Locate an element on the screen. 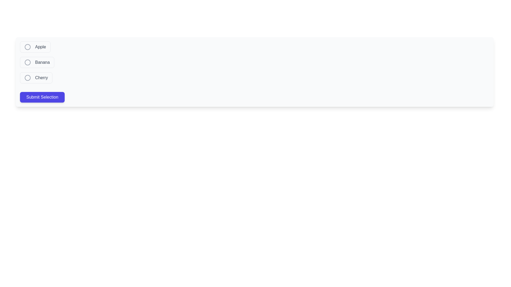 Image resolution: width=511 pixels, height=287 pixels. the Circle outline icon located to the left of the text 'Apple' is located at coordinates (27, 47).